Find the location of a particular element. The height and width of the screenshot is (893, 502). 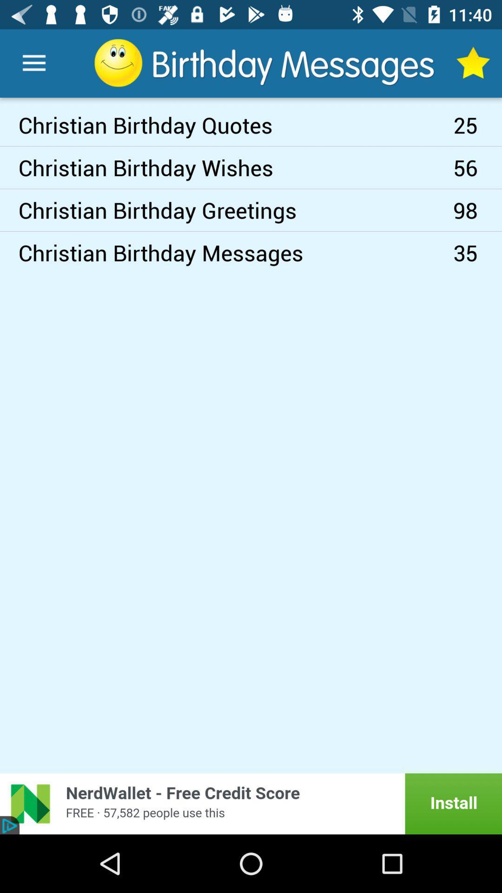

item above 35 is located at coordinates (477, 209).